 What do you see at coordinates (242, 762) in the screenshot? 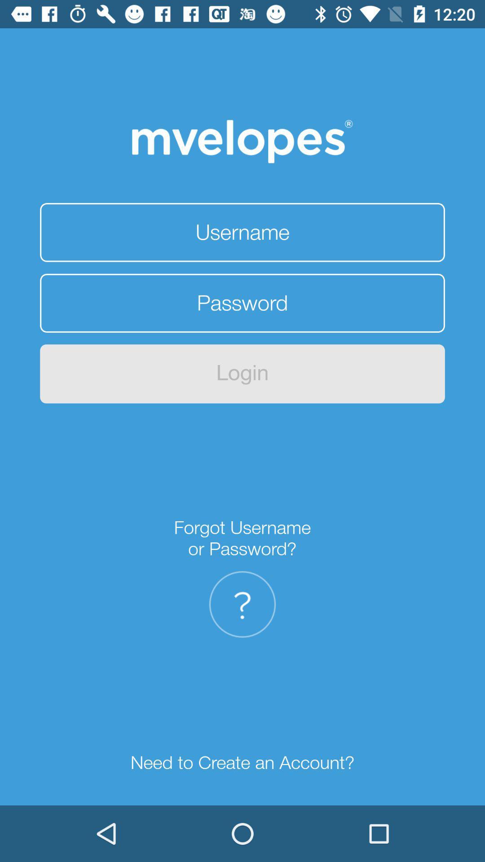
I see `need to create icon` at bounding box center [242, 762].